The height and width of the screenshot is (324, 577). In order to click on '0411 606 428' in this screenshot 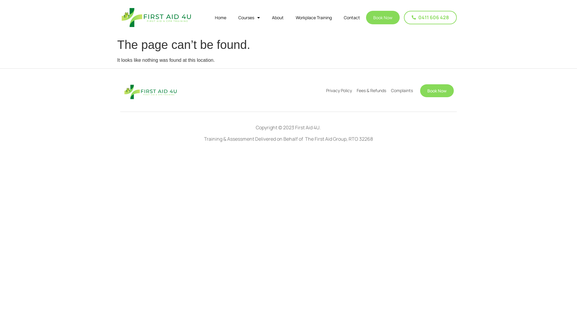, I will do `click(430, 17)`.